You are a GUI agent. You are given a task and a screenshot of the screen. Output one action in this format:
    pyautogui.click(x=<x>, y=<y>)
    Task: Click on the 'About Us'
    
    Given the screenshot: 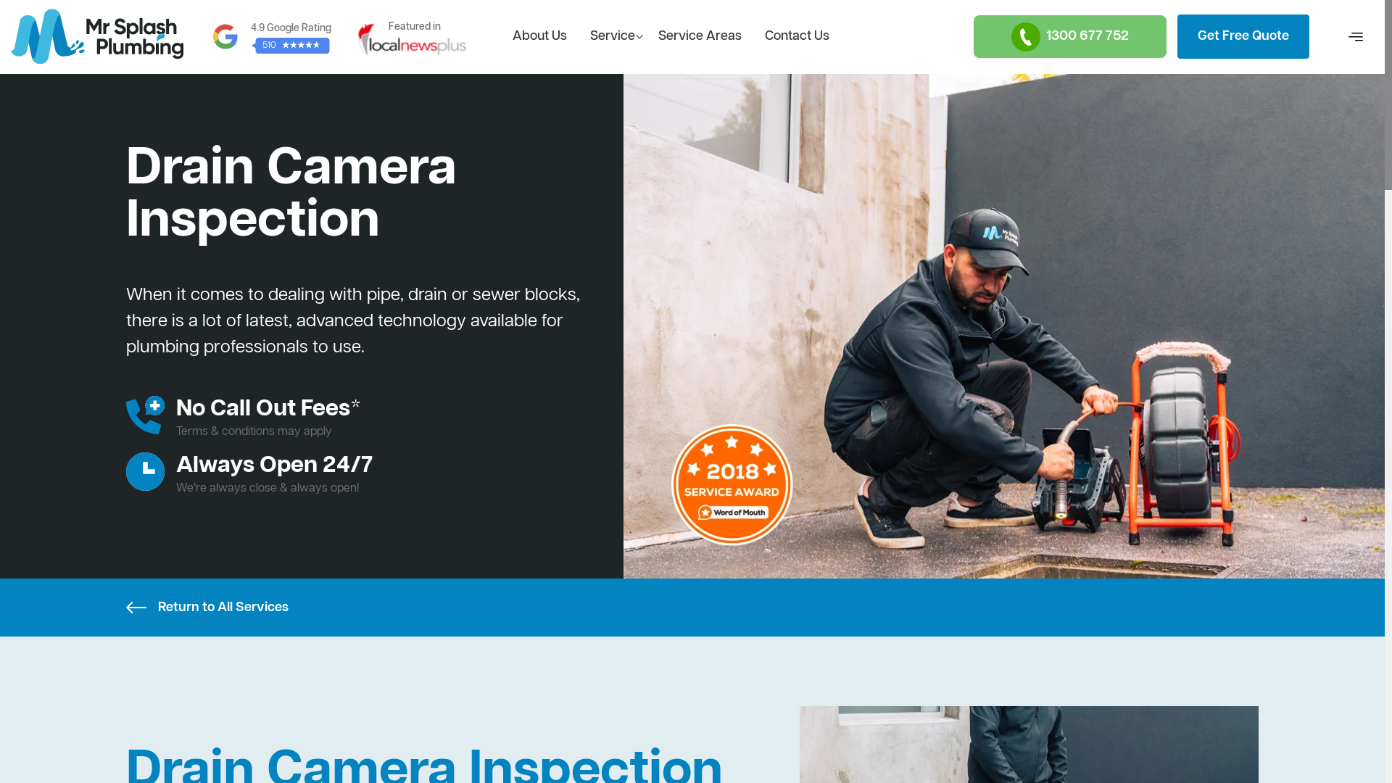 What is the action you would take?
    pyautogui.click(x=539, y=36)
    